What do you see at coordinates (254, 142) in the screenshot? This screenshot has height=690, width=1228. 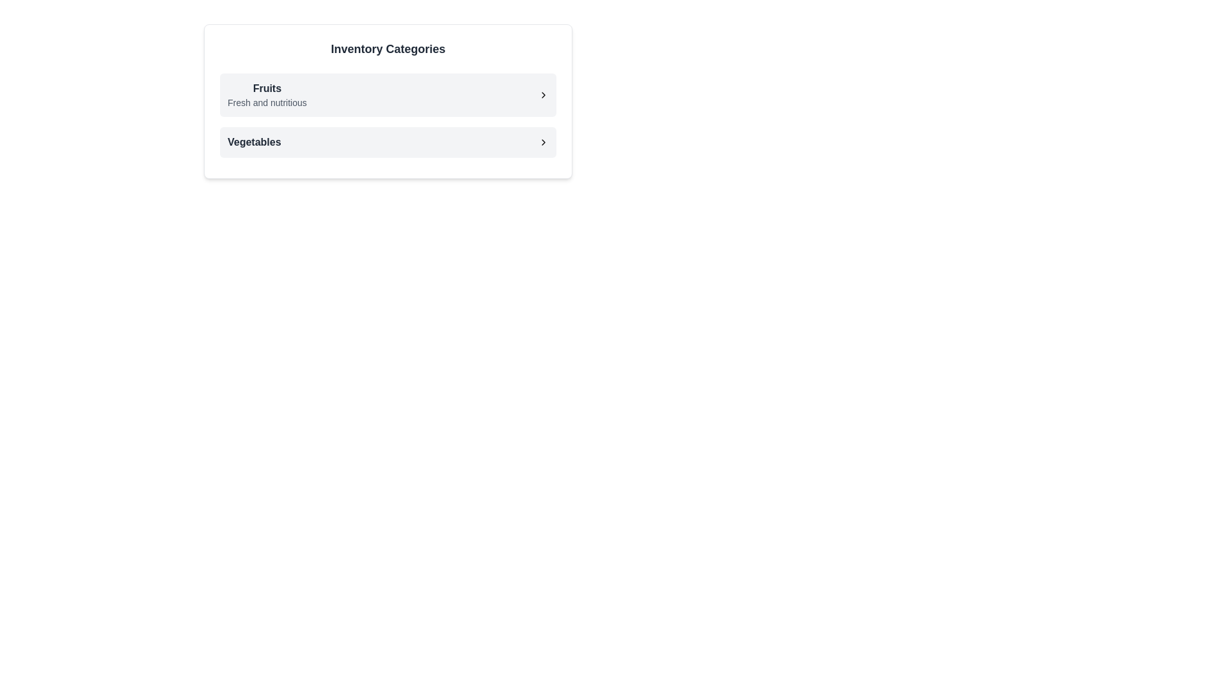 I see `the text label representing the 'Vegetables' category, which is located in the second selectable item of a vertically stacked list, below the 'Fruits' section` at bounding box center [254, 142].